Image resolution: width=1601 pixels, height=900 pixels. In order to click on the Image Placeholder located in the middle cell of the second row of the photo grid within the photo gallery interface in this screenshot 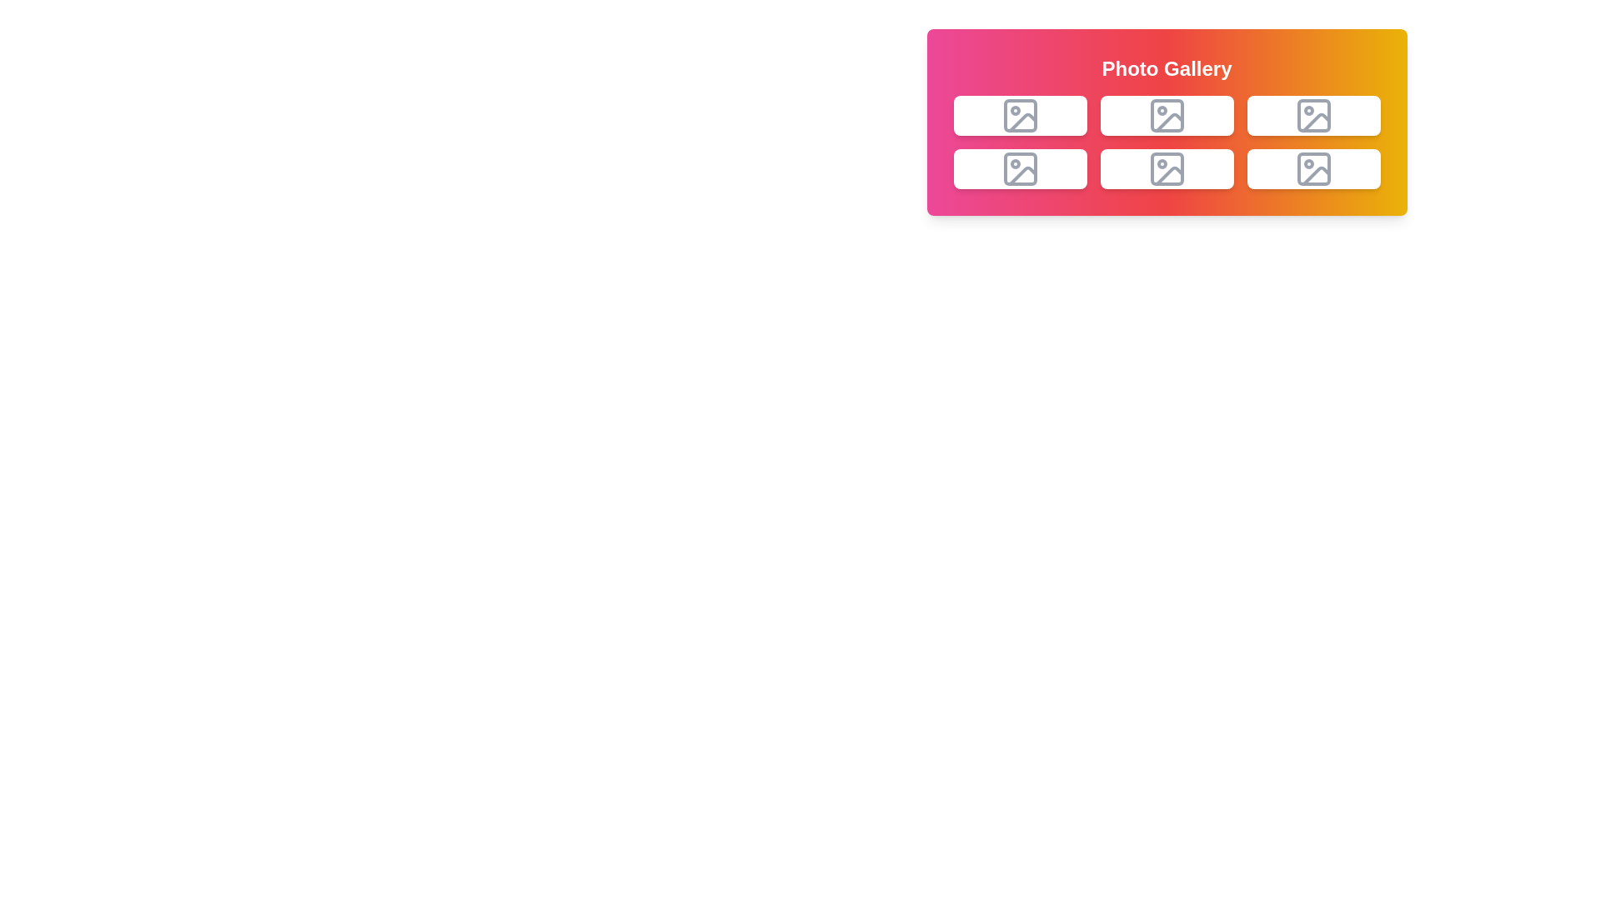, I will do `click(1021, 176)`.